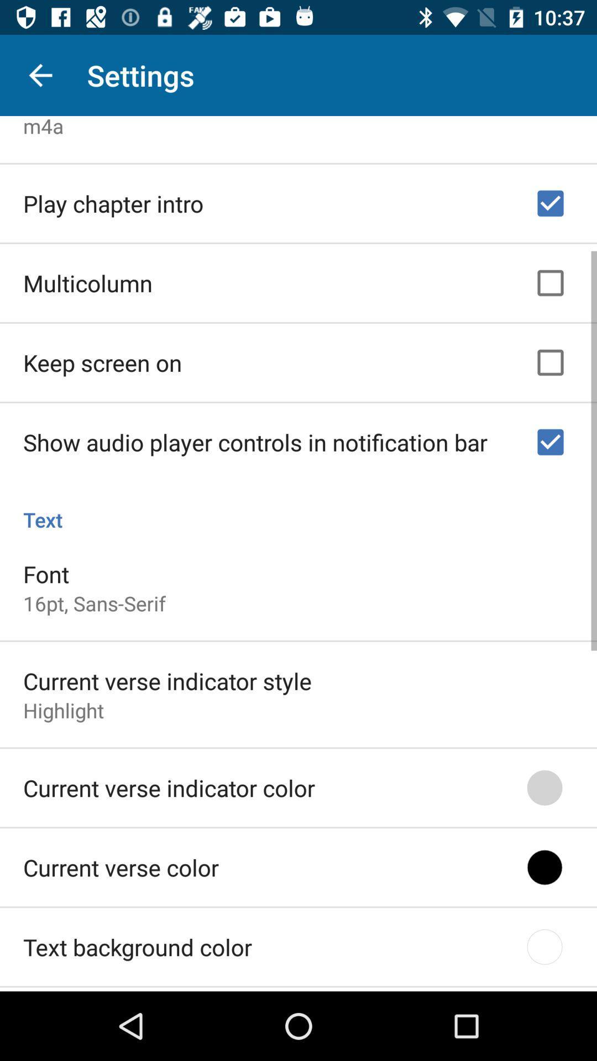  Describe the element at coordinates (255, 438) in the screenshot. I see `item above the text` at that location.